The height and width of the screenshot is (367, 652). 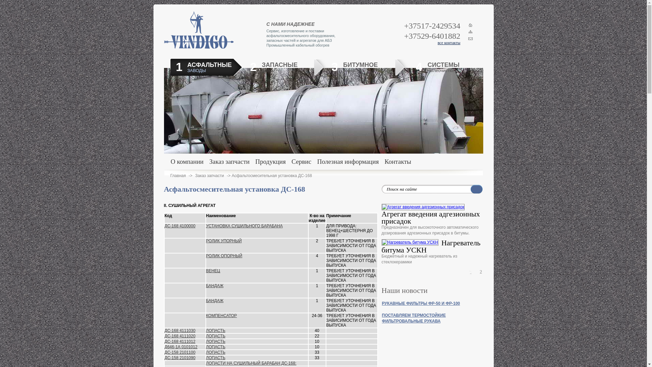 What do you see at coordinates (470, 272) in the screenshot?
I see `'1'` at bounding box center [470, 272].